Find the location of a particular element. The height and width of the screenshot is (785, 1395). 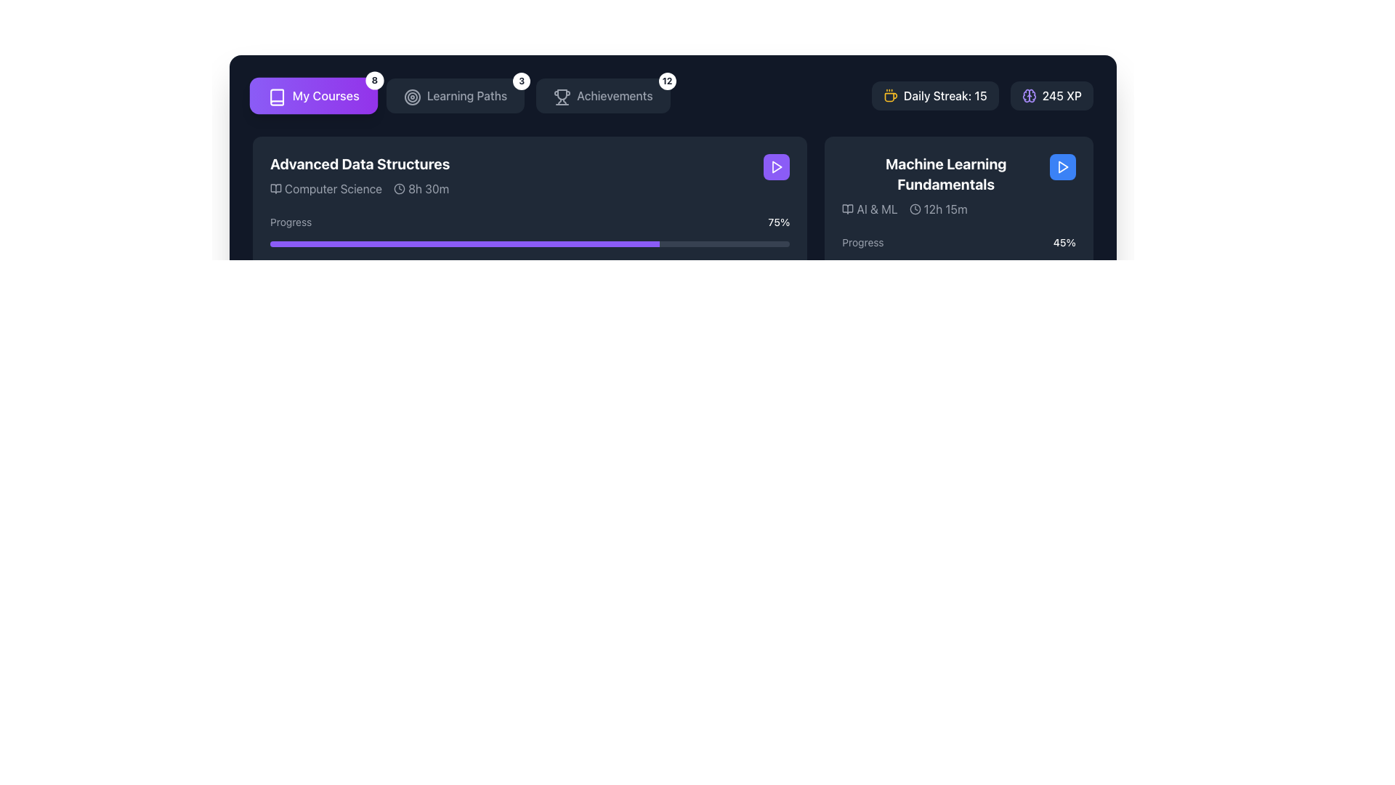

the text label displaying the time associated with 'Machine Learning Fundamentals', located to the right of the clock icon is located at coordinates (945, 209).